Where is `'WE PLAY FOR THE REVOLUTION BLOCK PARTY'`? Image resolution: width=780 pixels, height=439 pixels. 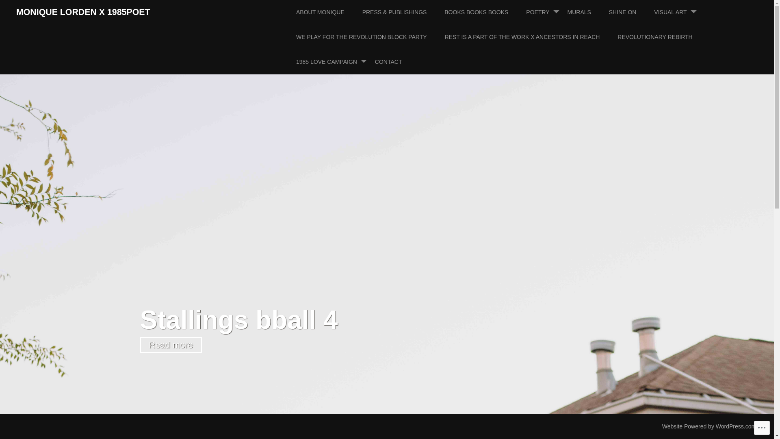 'WE PLAY FOR THE REVOLUTION BLOCK PARTY' is located at coordinates (369, 37).